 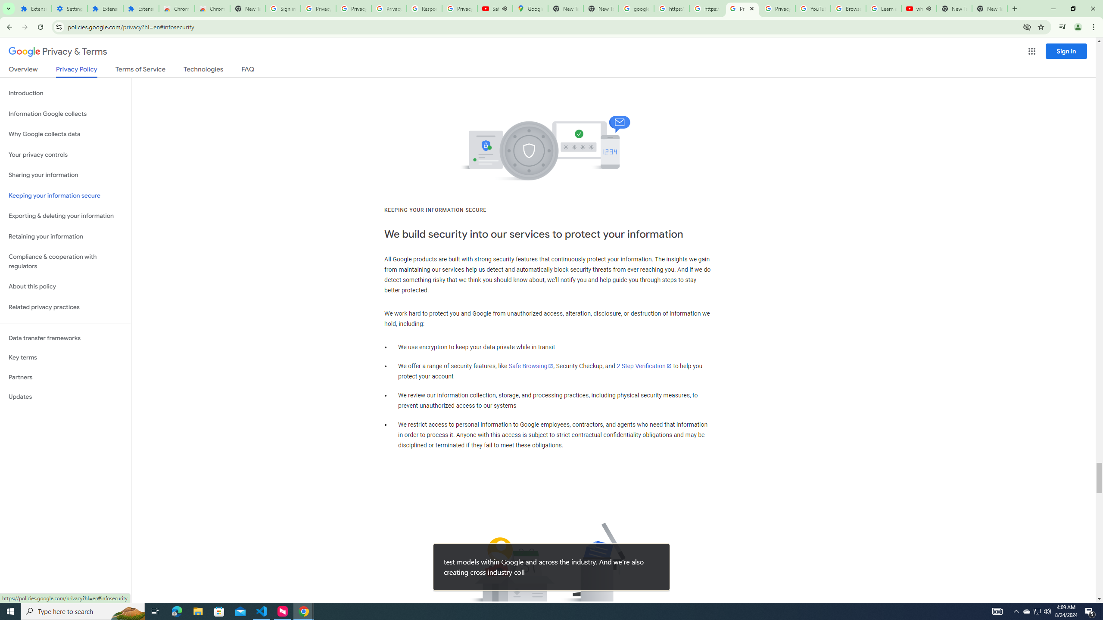 I want to click on 'Retaining your information', so click(x=65, y=236).